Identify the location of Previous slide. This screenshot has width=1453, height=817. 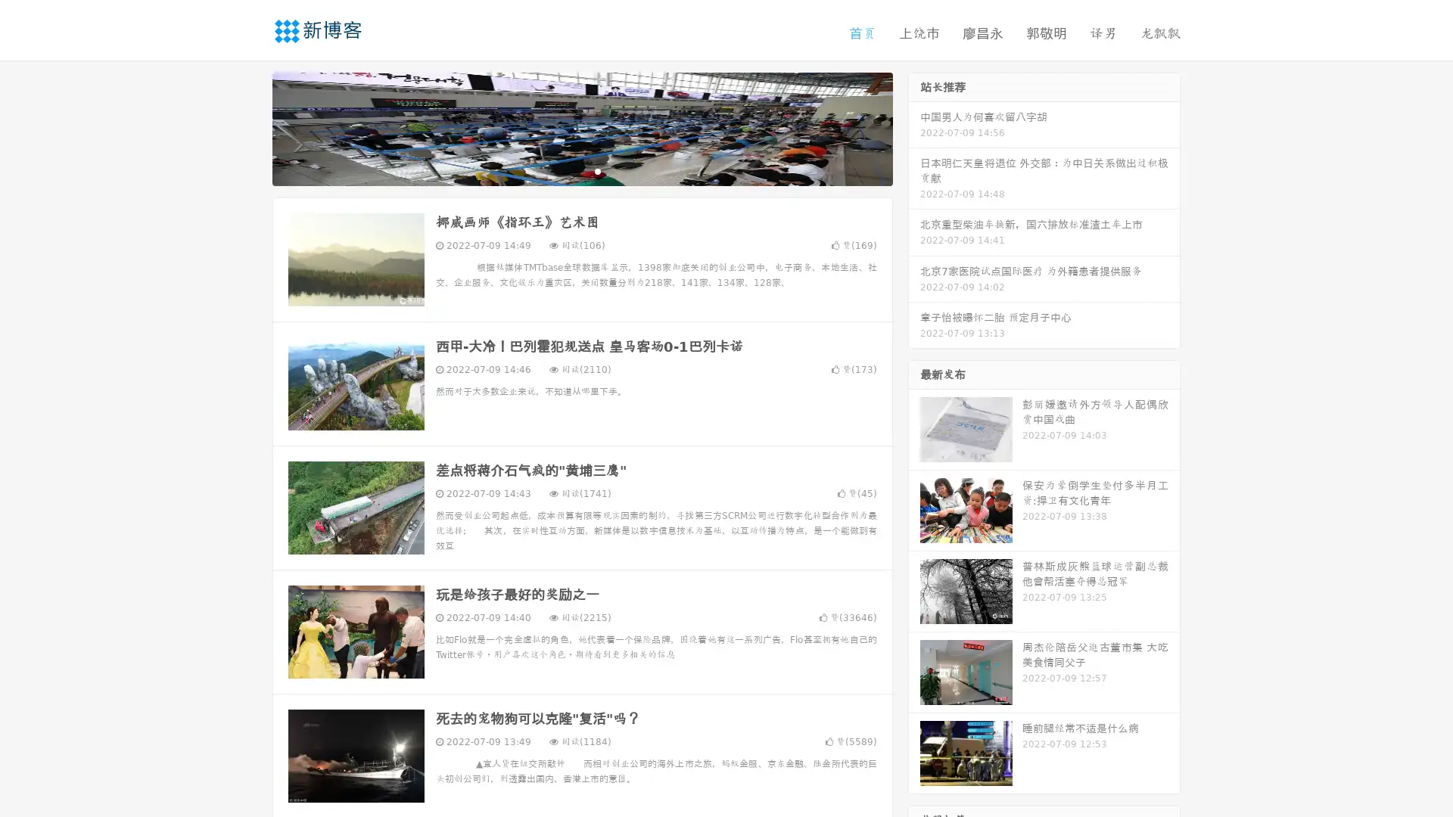
(250, 127).